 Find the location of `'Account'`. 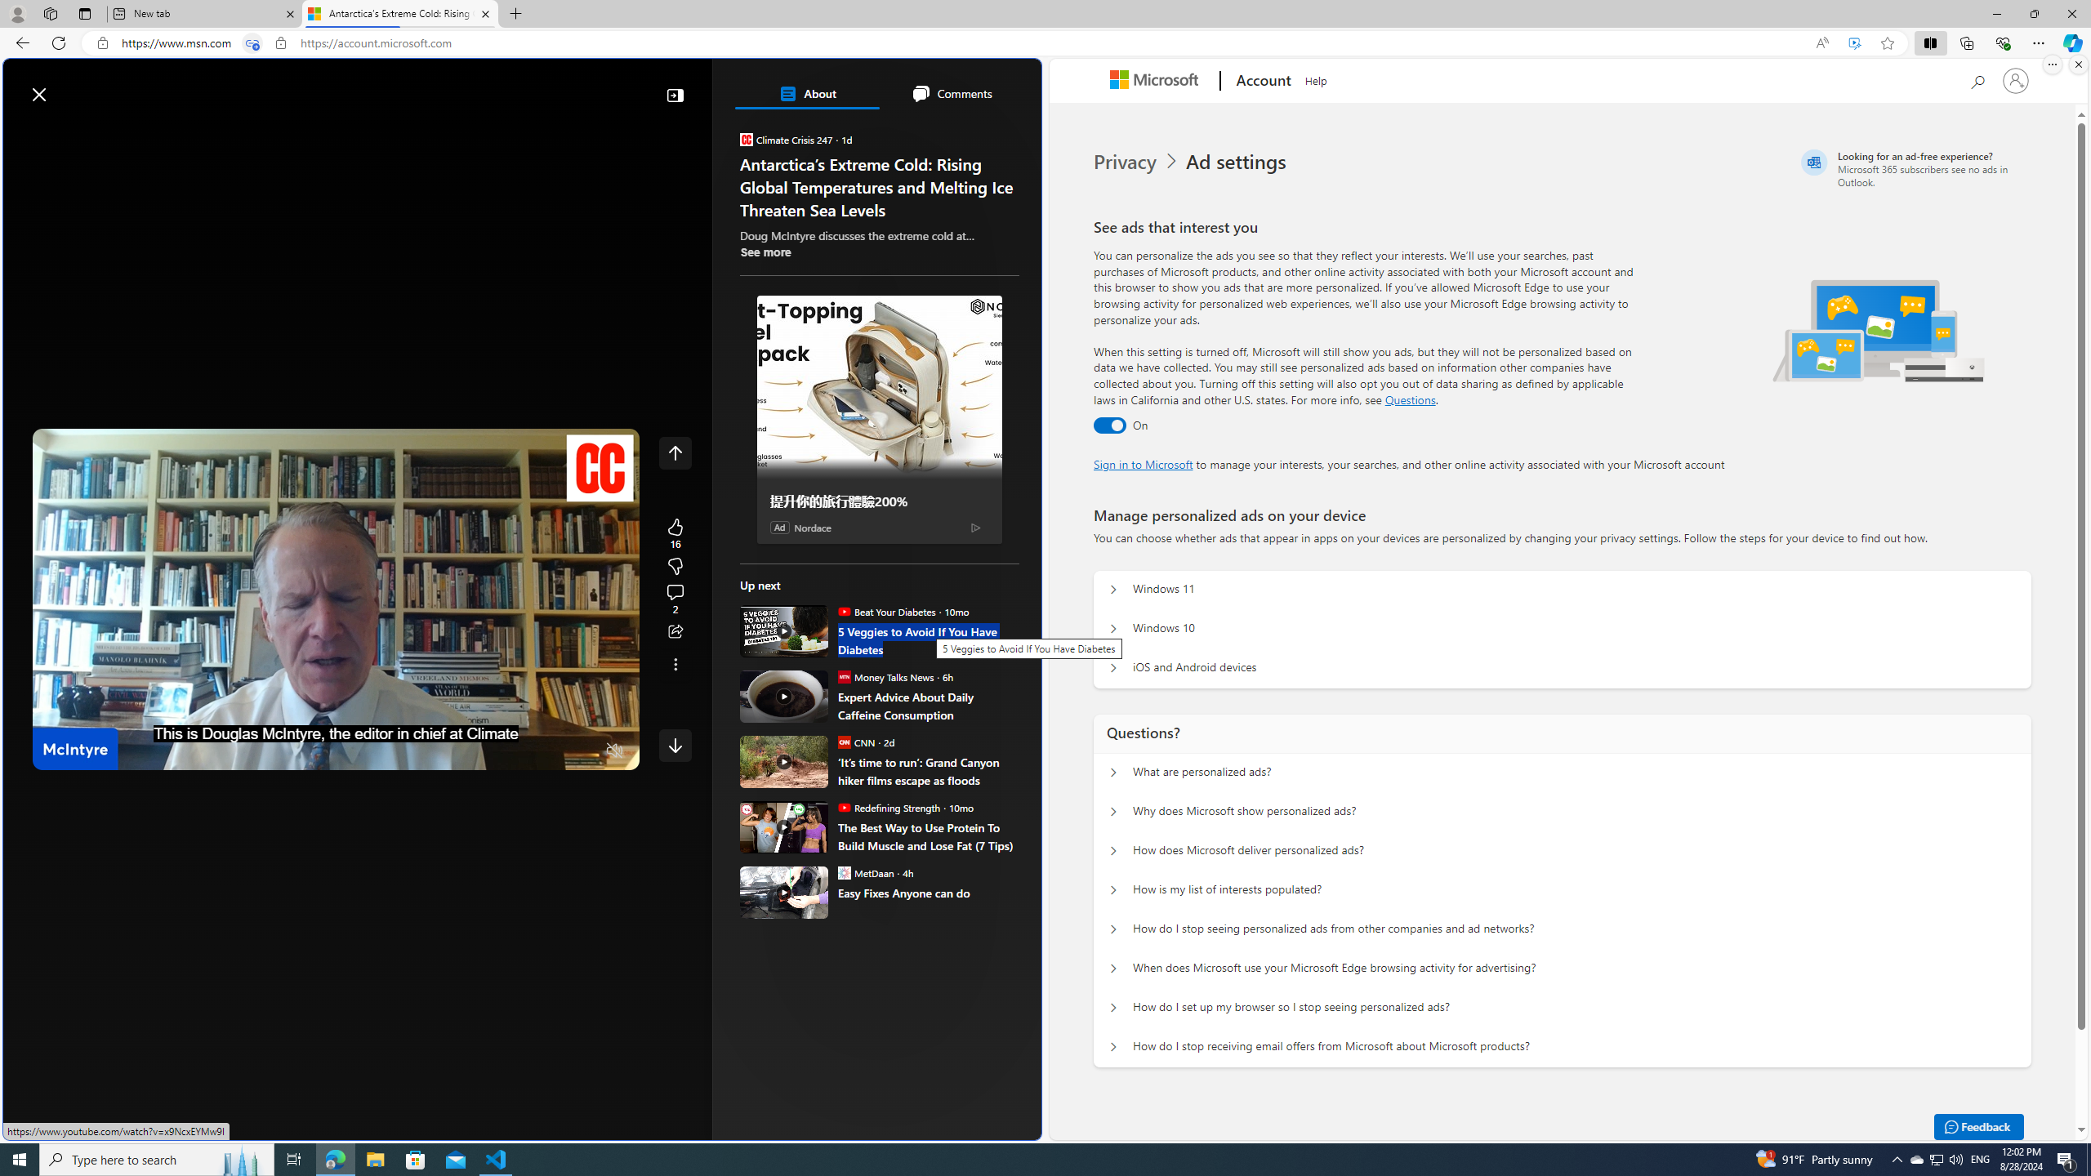

'Account' is located at coordinates (1261, 81).